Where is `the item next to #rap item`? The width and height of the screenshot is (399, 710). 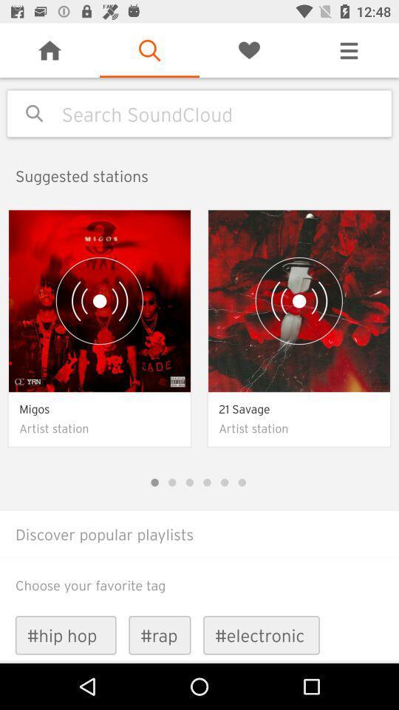
the item next to #rap item is located at coordinates (261, 635).